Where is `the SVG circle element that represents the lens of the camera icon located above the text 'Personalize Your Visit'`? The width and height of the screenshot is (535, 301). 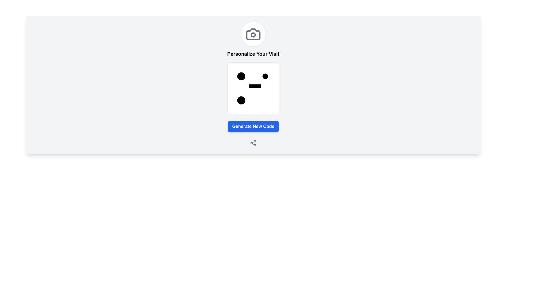 the SVG circle element that represents the lens of the camera icon located above the text 'Personalize Your Visit' is located at coordinates (253, 35).